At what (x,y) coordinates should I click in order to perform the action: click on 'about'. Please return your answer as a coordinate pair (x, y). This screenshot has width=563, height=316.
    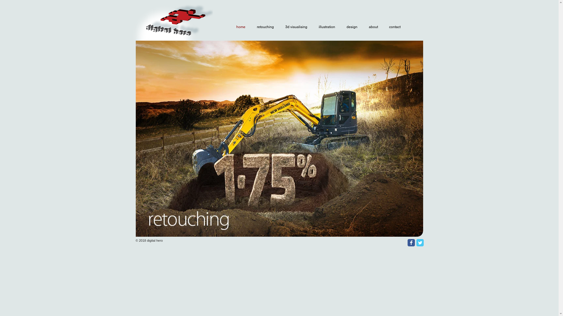
    Looking at the image, I should click on (372, 27).